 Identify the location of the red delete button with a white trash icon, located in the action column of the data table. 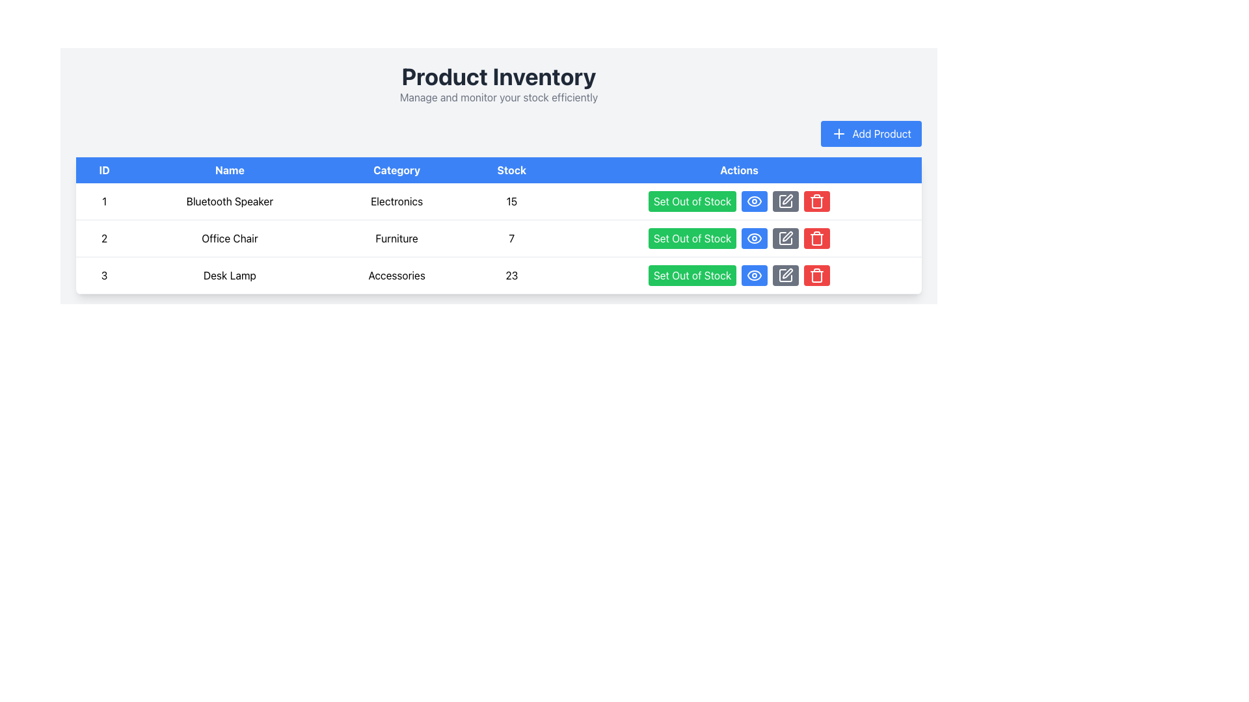
(816, 201).